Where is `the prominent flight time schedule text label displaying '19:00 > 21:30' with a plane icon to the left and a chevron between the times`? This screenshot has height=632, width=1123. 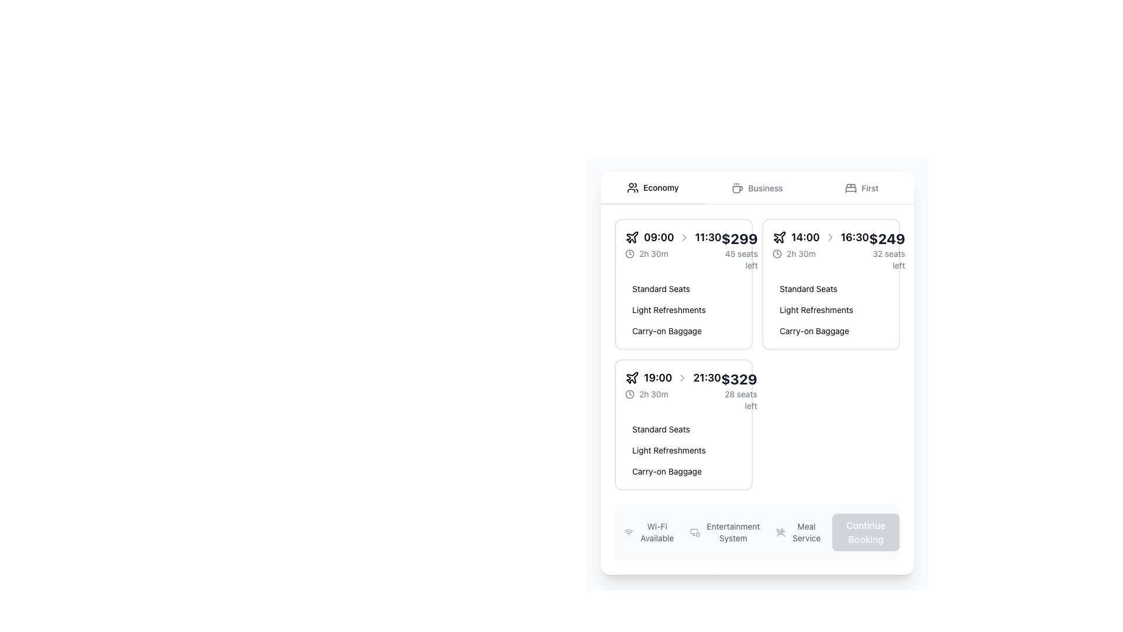
the prominent flight time schedule text label displaying '19:00 > 21:30' with a plane icon to the left and a chevron between the times is located at coordinates (673, 377).